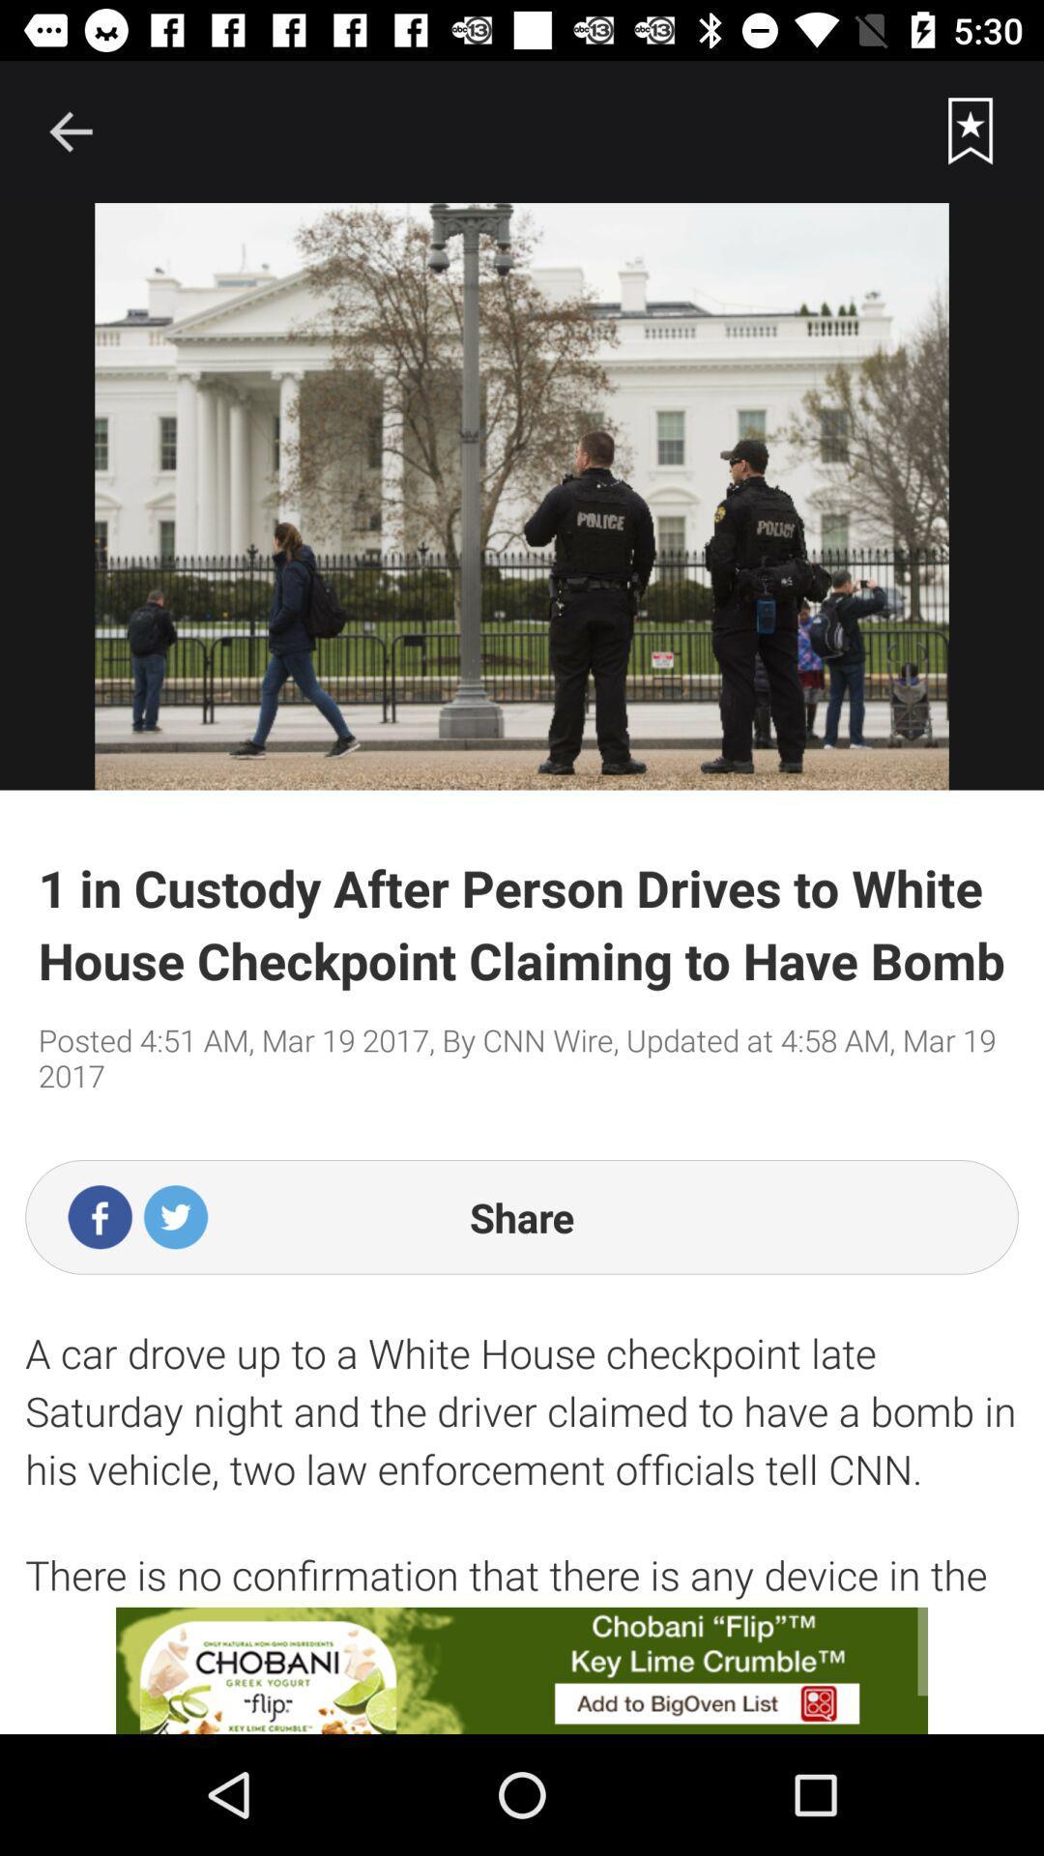 The width and height of the screenshot is (1044, 1856). I want to click on the arrow_backward icon, so click(70, 130).